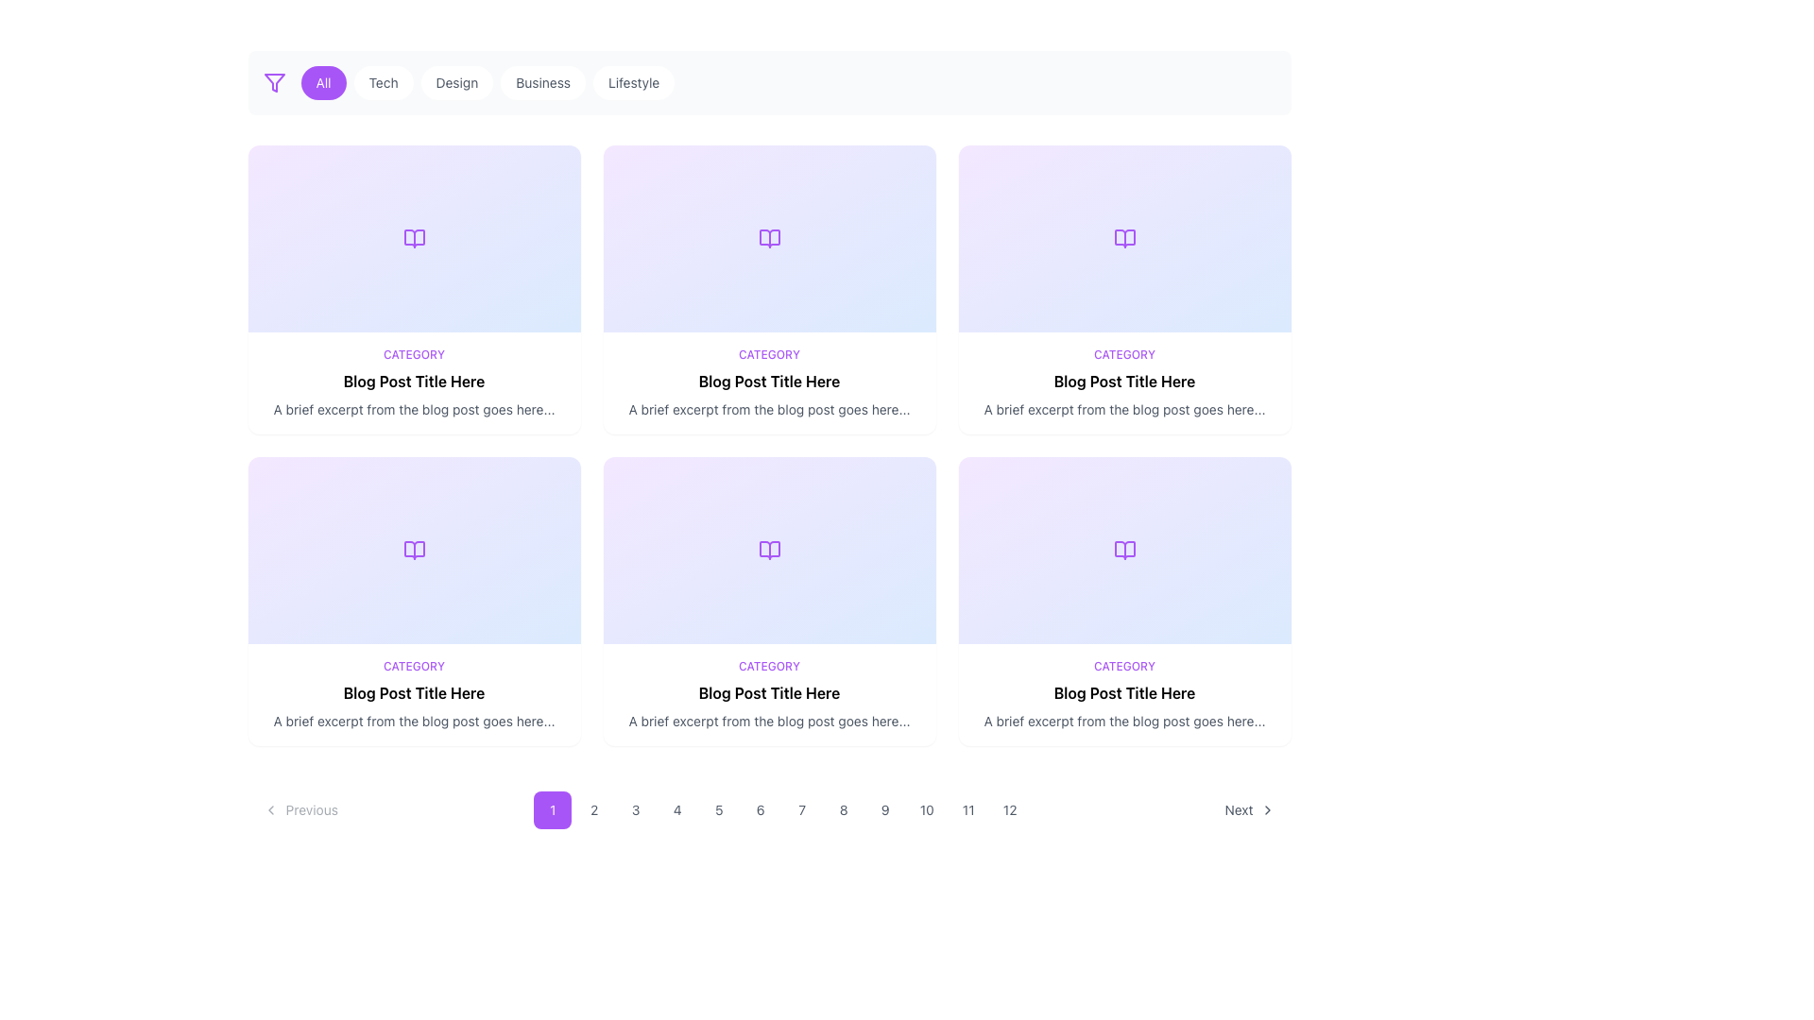 This screenshot has width=1814, height=1020. I want to click on the stylized open book icon located at the center of the third card in the second row of a grid layout, so click(769, 550).